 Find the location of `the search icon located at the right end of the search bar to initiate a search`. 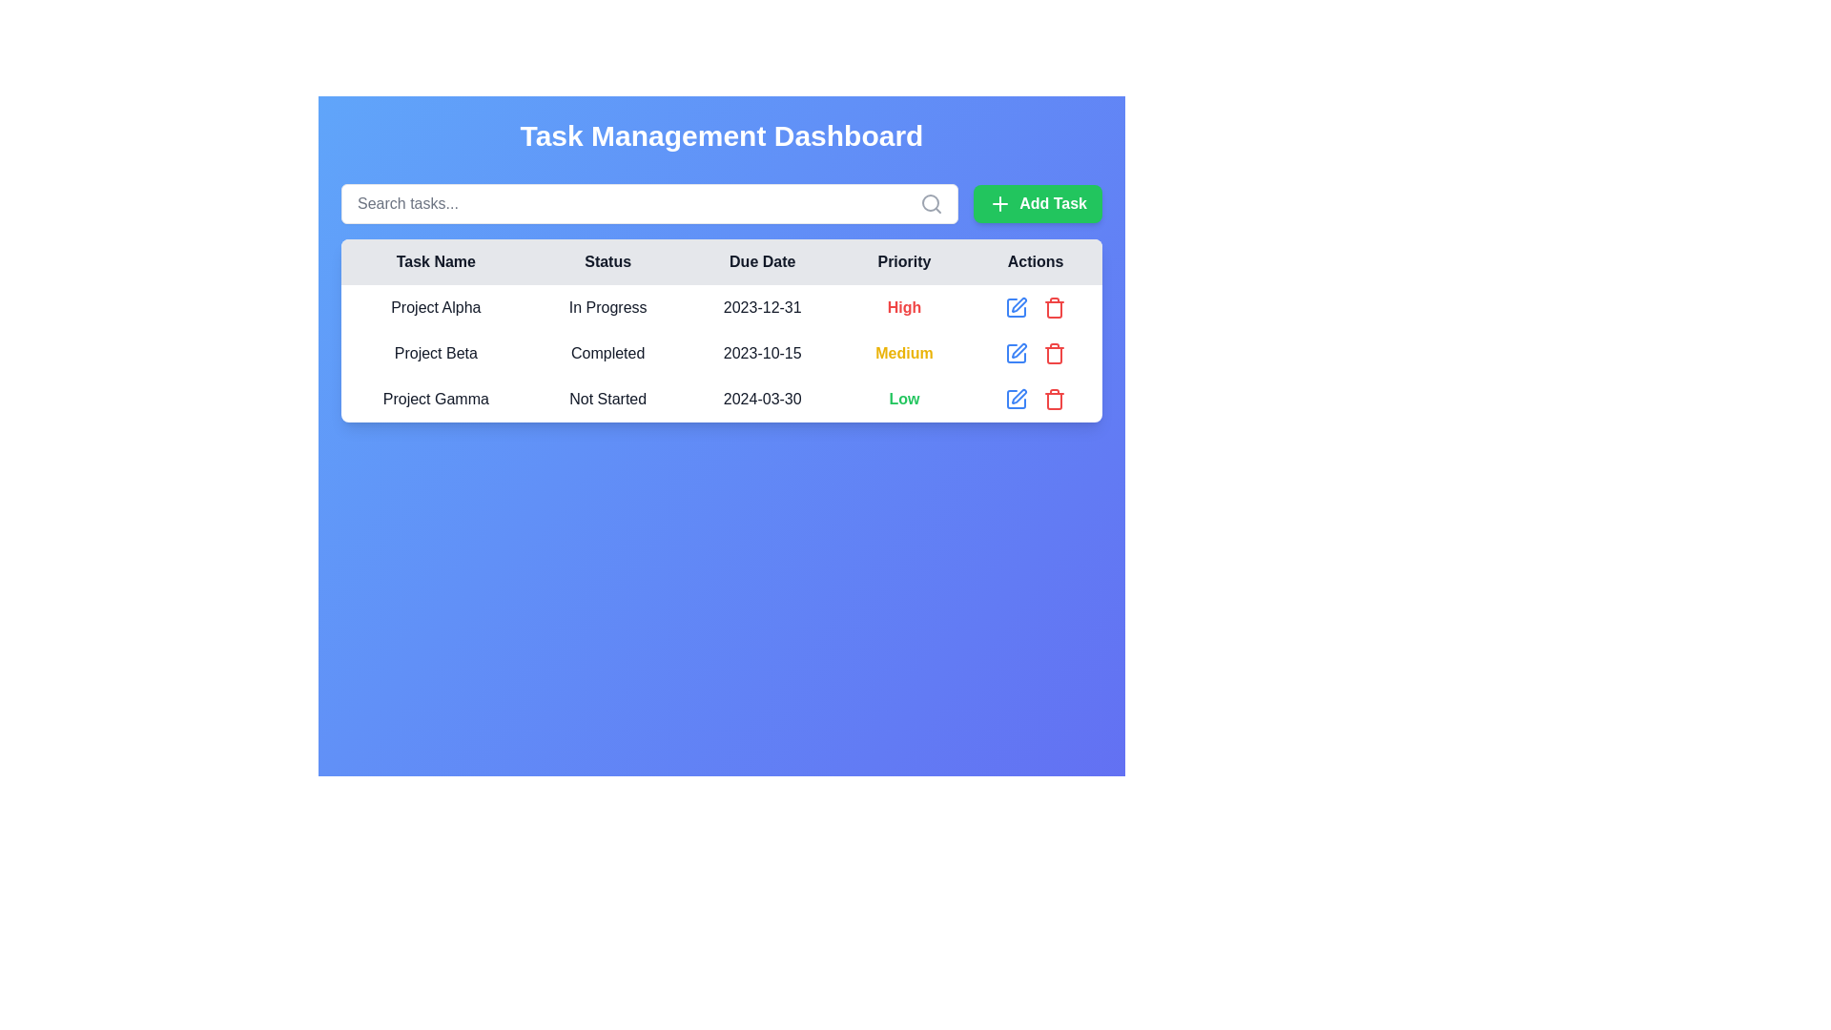

the search icon located at the right end of the search bar to initiate a search is located at coordinates (932, 203).